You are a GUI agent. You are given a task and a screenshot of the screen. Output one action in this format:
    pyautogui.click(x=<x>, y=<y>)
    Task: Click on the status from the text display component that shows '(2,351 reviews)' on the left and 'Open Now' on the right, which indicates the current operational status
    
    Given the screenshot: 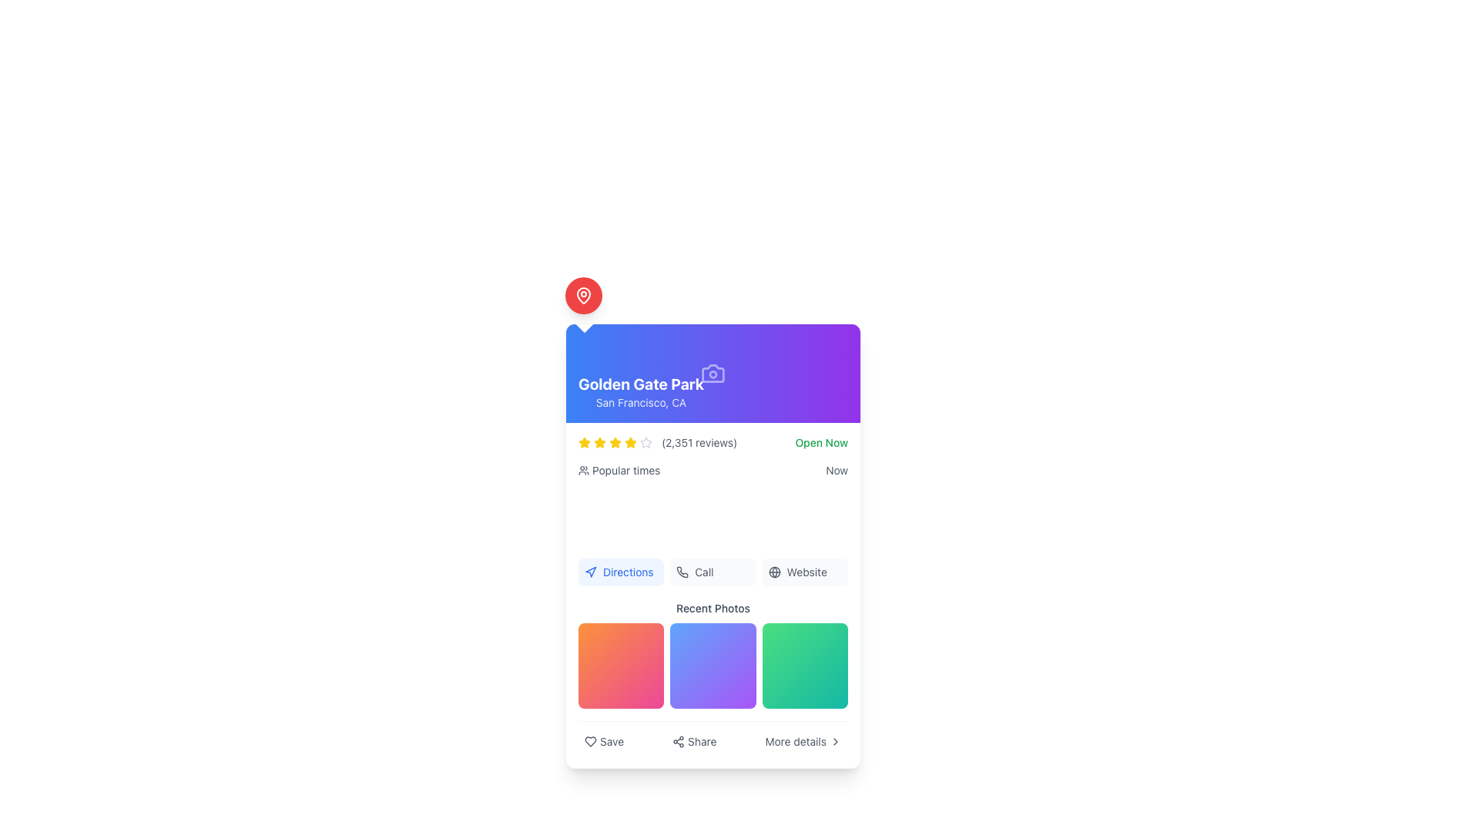 What is the action you would take?
    pyautogui.click(x=713, y=442)
    